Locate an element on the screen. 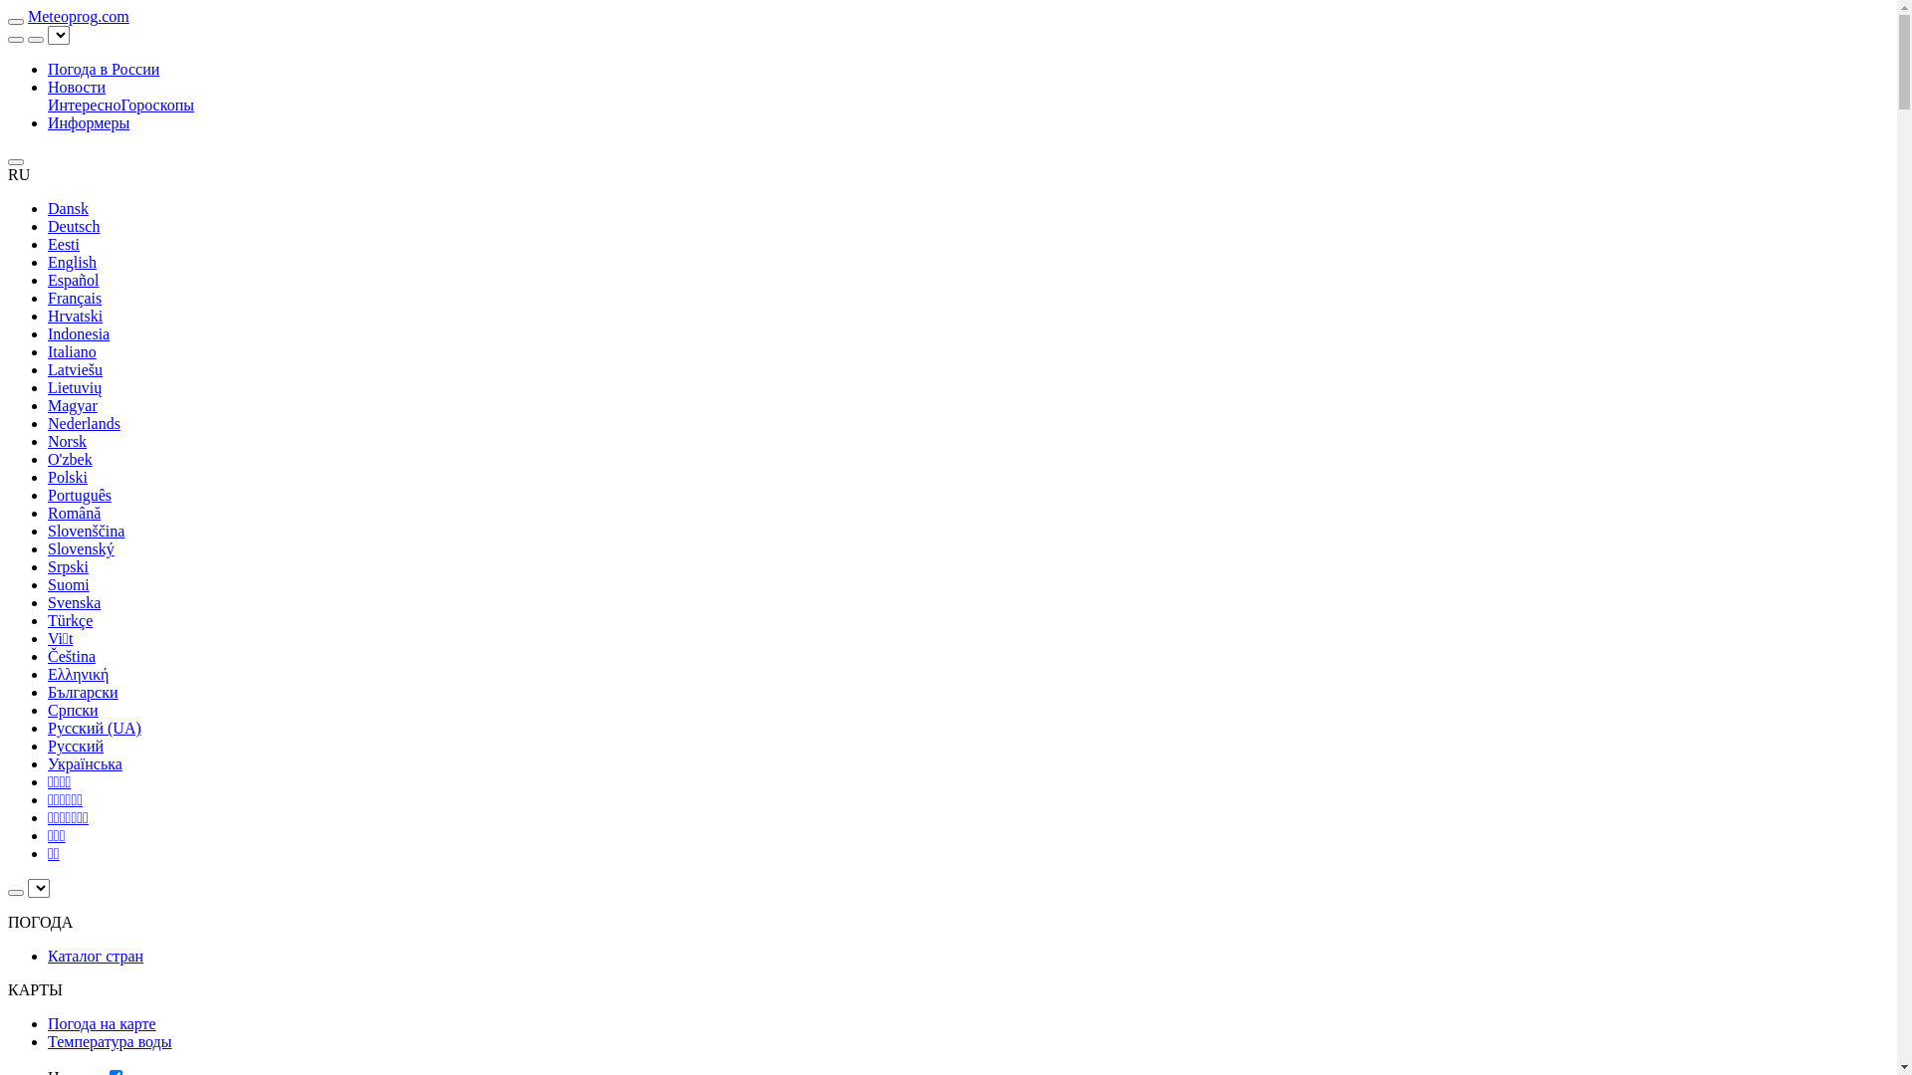 The height and width of the screenshot is (1075, 1912). 'Indonesia' is located at coordinates (78, 332).